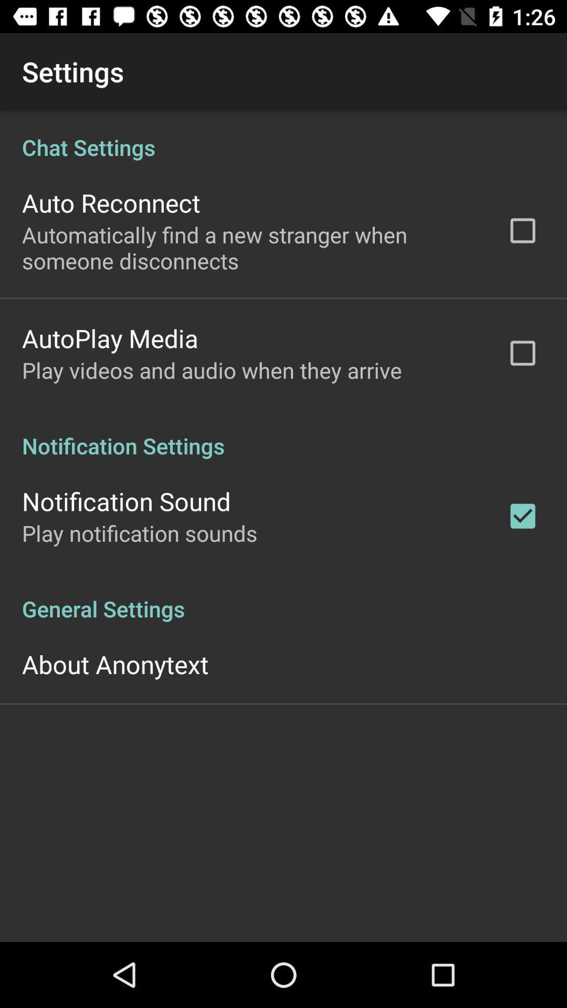  What do you see at coordinates (283, 526) in the screenshot?
I see `the item below the settings icon` at bounding box center [283, 526].